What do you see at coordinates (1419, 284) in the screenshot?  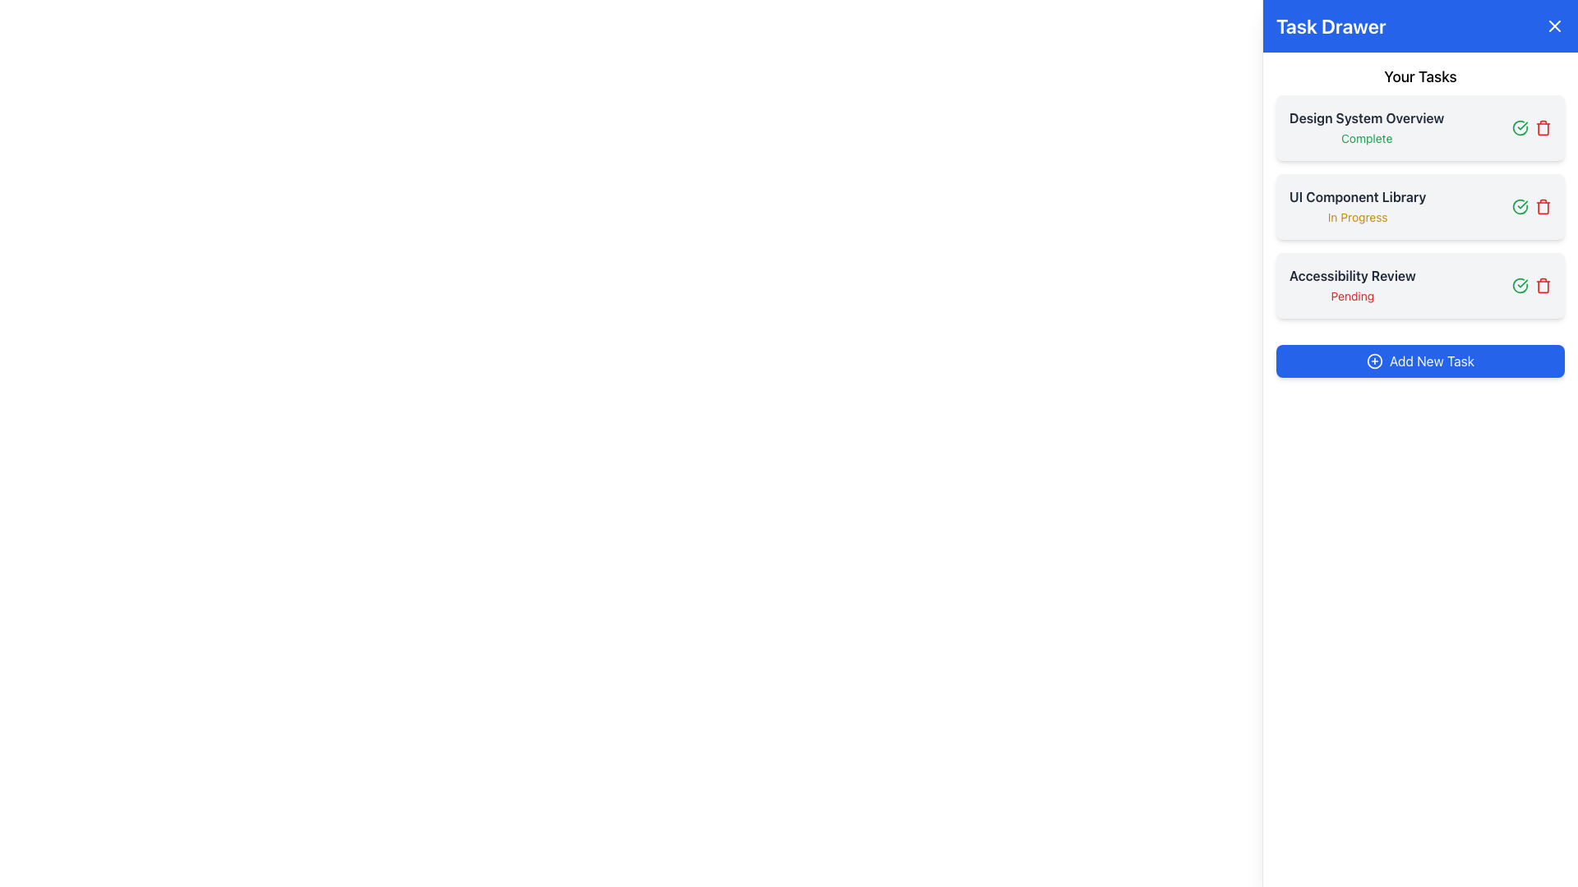 I see `the task item titled 'Accessibility Review' which is the third item in the 'Your Tasks' list, located below 'UI Component Library' and above 'Add New Task'` at bounding box center [1419, 284].